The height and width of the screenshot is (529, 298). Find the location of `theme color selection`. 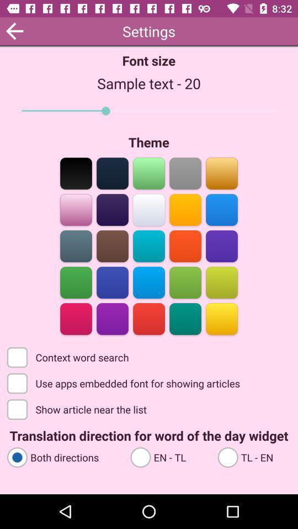

theme color selection is located at coordinates (149, 281).